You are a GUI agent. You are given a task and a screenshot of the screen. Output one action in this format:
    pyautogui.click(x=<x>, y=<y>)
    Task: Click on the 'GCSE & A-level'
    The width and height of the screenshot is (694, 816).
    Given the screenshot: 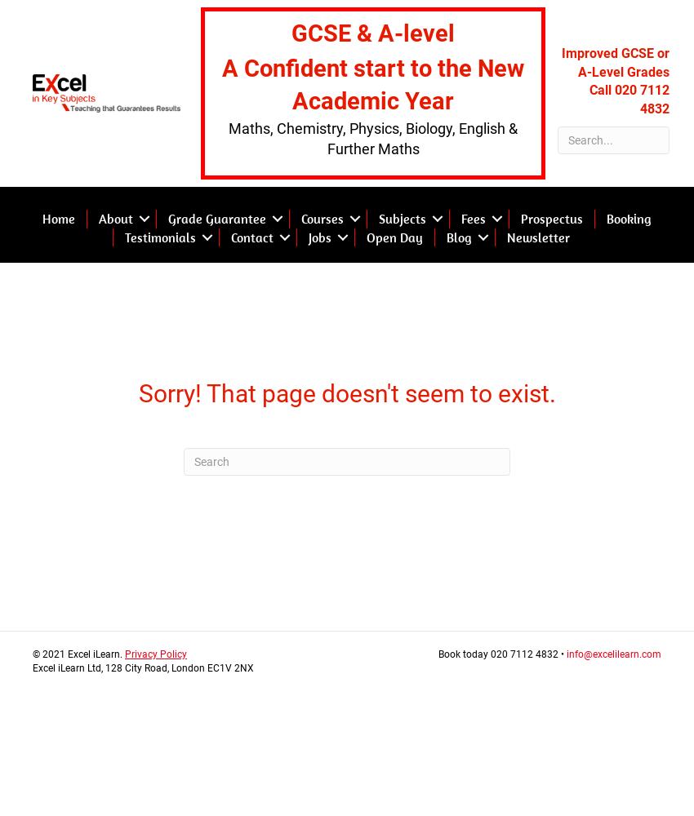 What is the action you would take?
    pyautogui.click(x=371, y=33)
    